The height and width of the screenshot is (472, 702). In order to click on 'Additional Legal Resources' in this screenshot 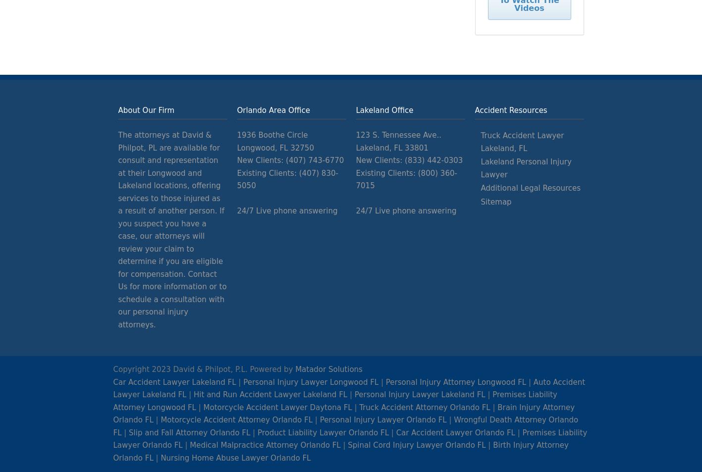, I will do `click(530, 187)`.